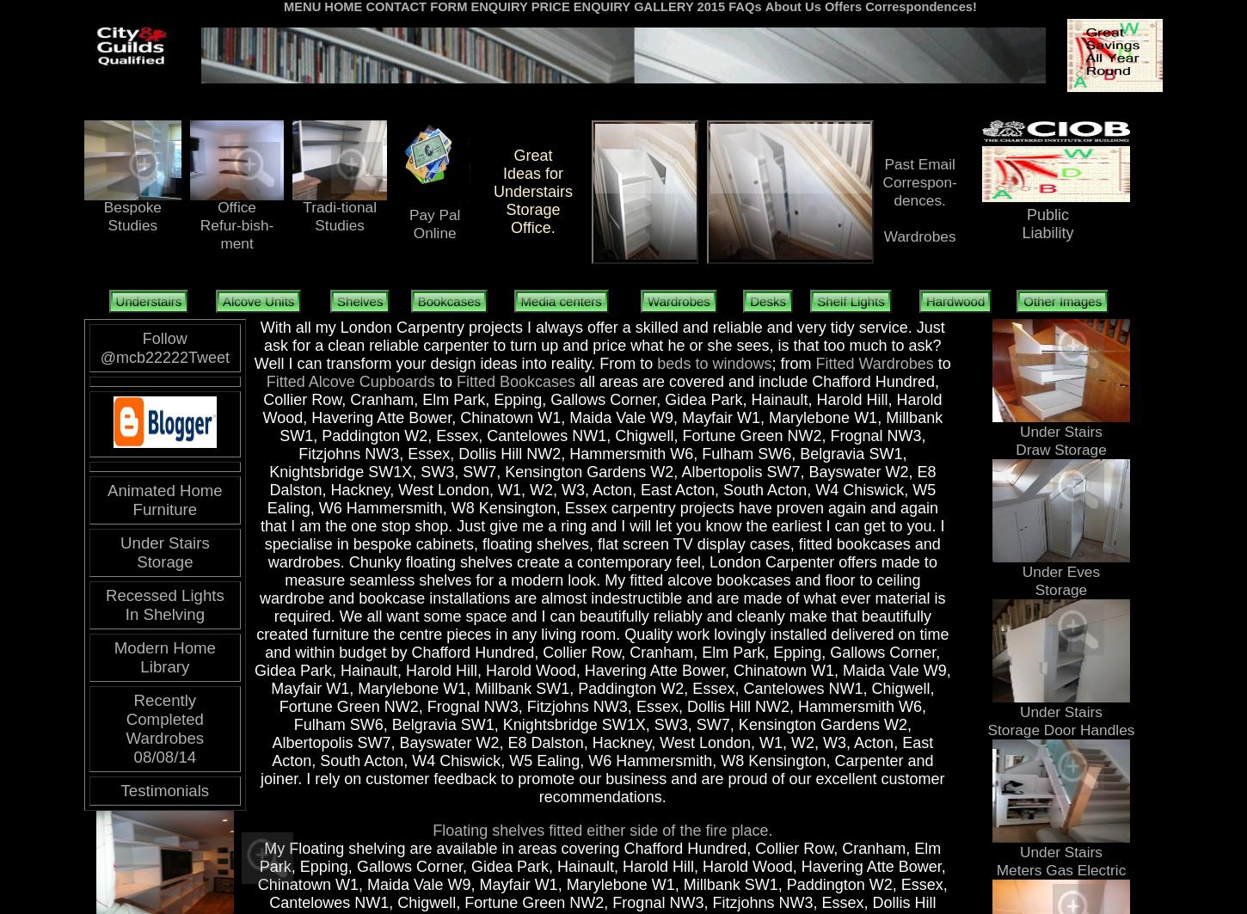 The image size is (1247, 914). What do you see at coordinates (187, 356) in the screenshot?
I see `'Tweet'` at bounding box center [187, 356].